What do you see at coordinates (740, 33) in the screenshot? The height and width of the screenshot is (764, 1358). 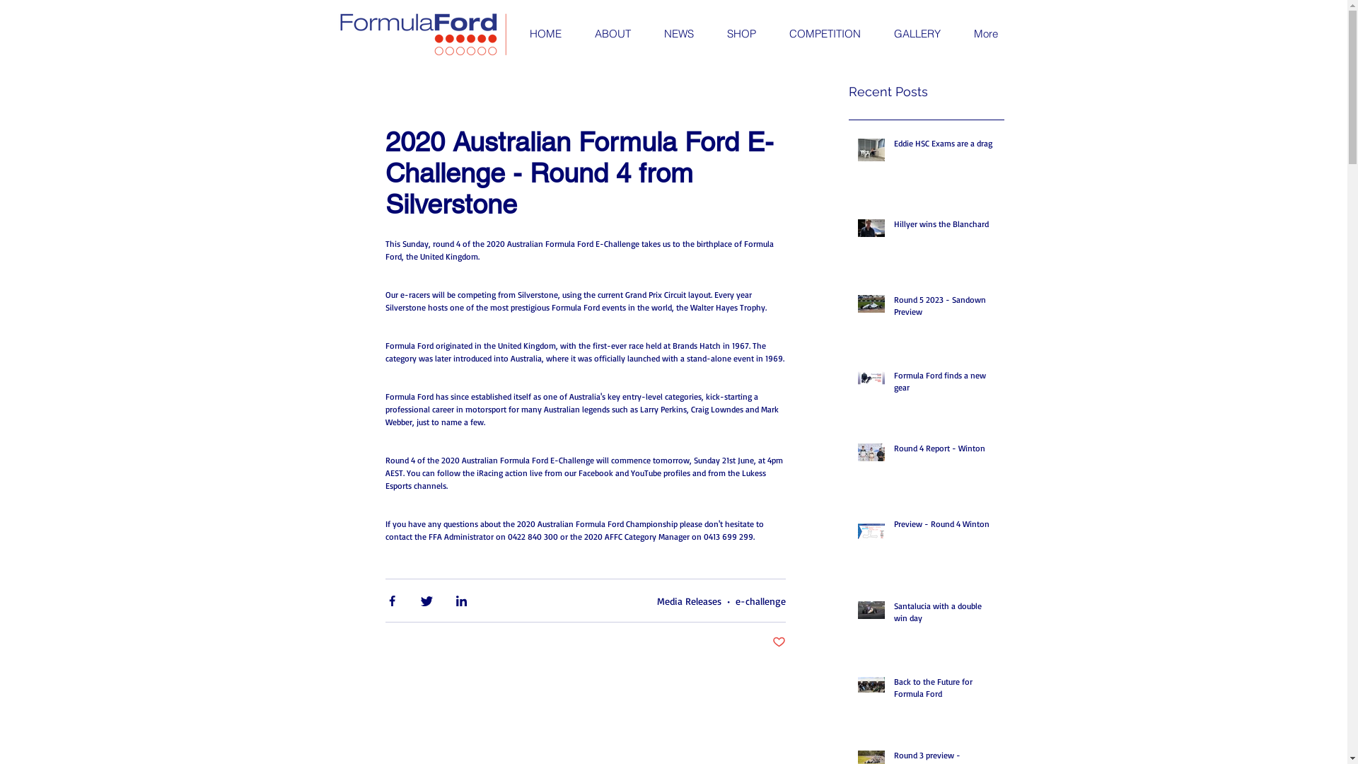 I see `'SHOP'` at bounding box center [740, 33].